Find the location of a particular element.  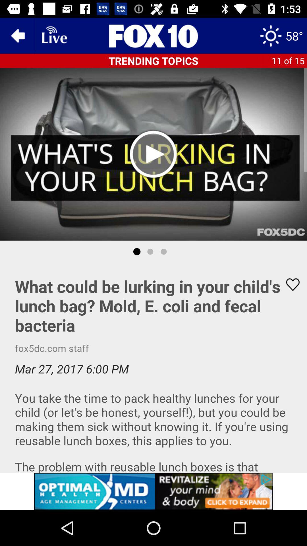

button is located at coordinates (289, 284).